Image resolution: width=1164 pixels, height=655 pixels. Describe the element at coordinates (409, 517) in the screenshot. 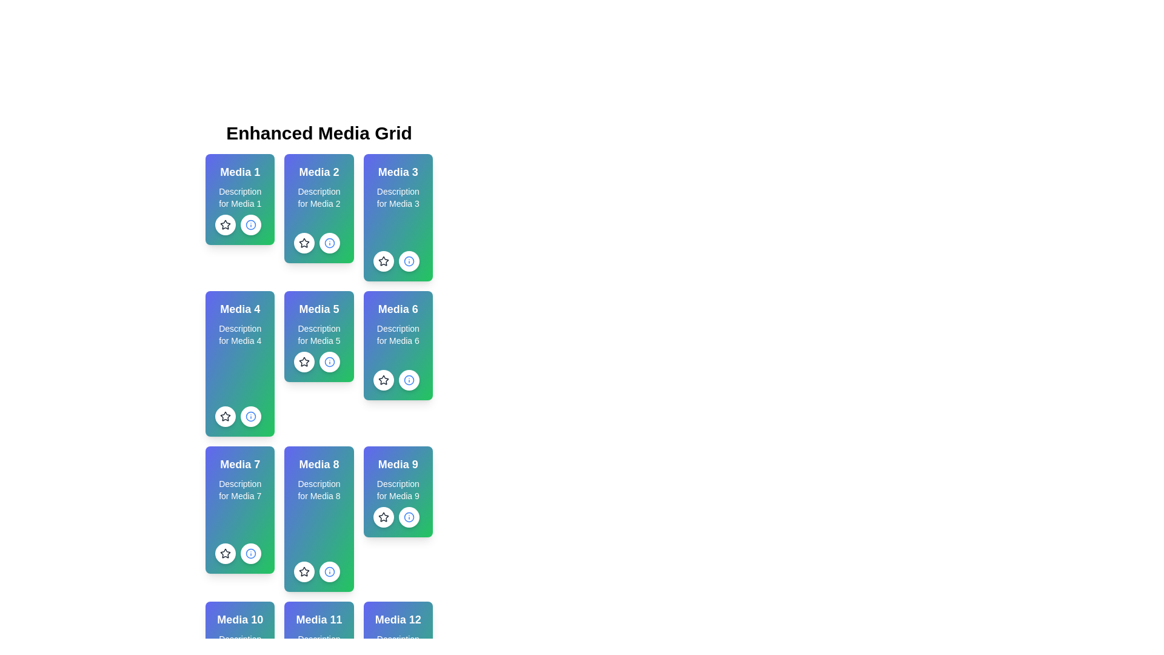

I see `the center circle of the icon located at the bottom-right corner of the 'Media 9' card in the grid` at that location.